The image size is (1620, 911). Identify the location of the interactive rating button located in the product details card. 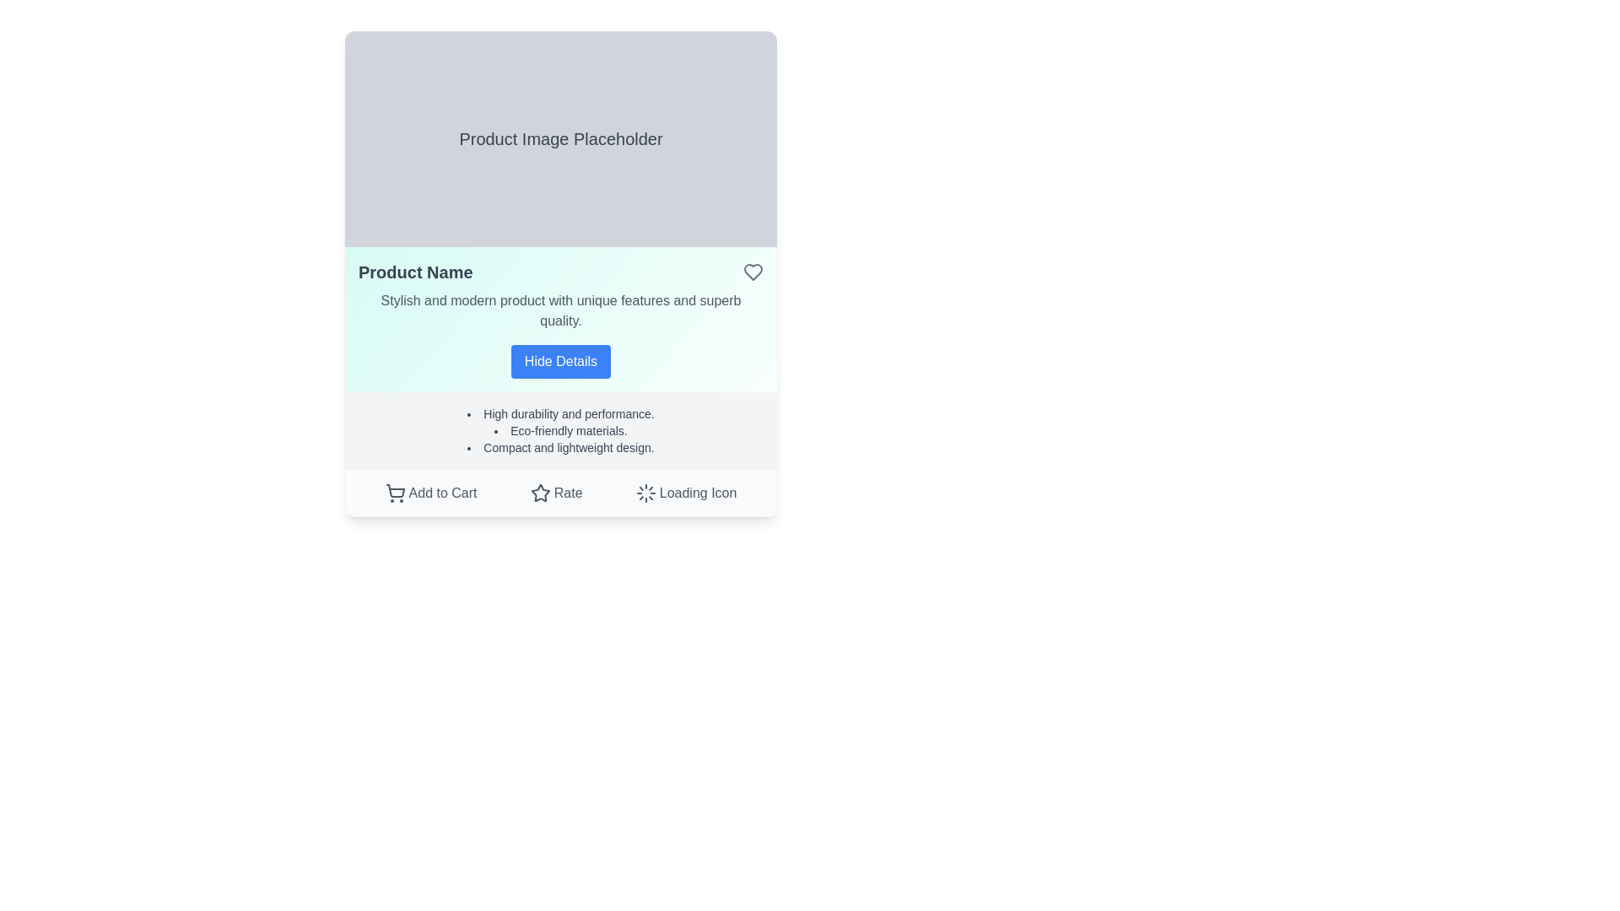
(556, 493).